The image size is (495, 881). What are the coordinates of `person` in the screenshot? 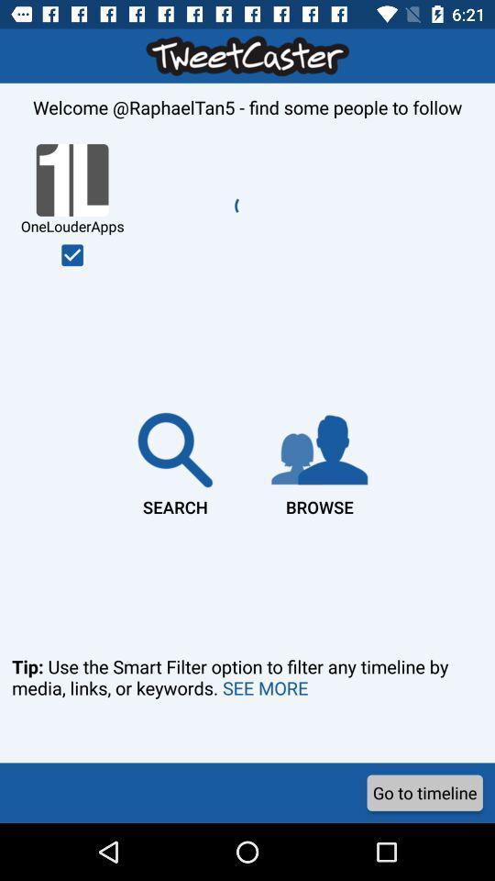 It's located at (71, 254).